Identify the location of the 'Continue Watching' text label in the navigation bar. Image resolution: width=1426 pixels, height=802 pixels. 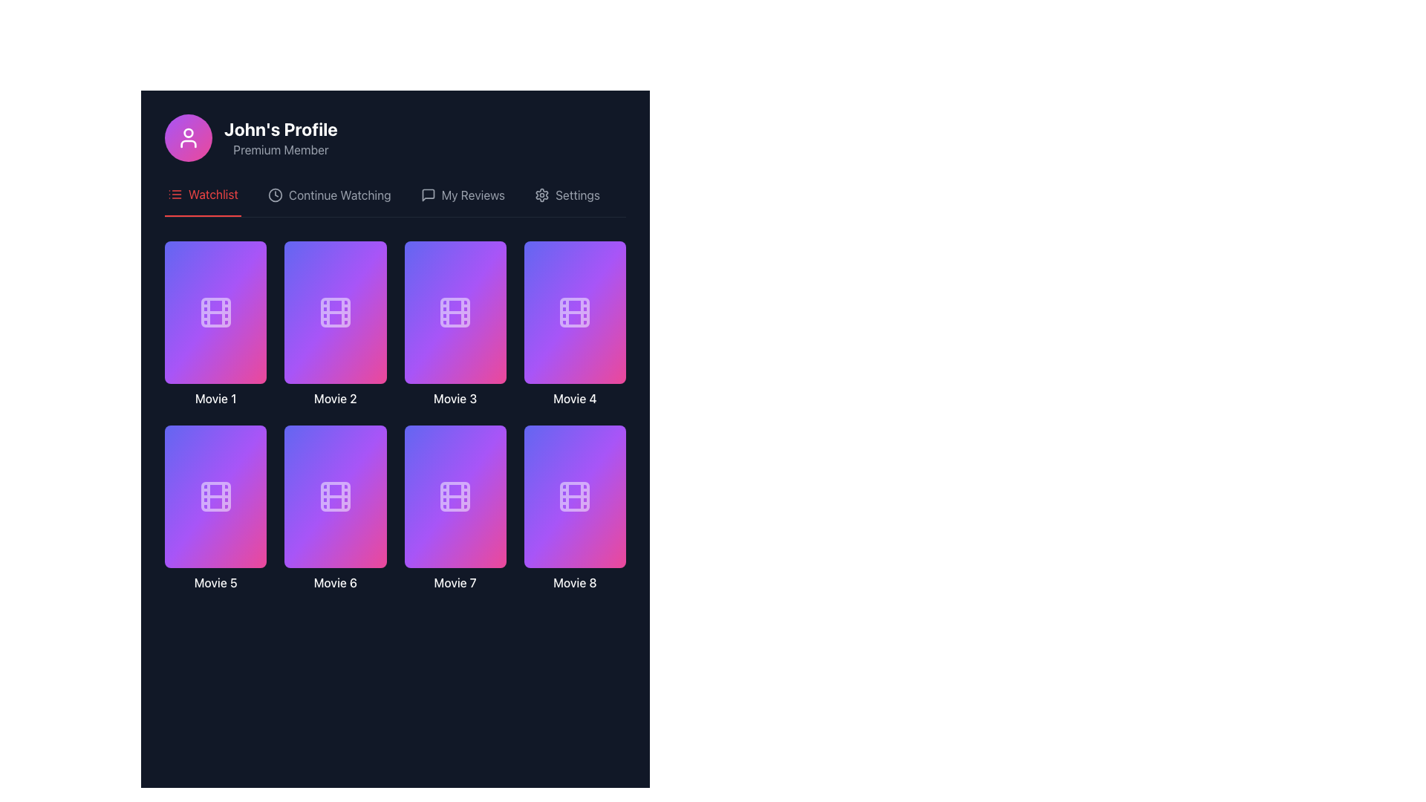
(339, 194).